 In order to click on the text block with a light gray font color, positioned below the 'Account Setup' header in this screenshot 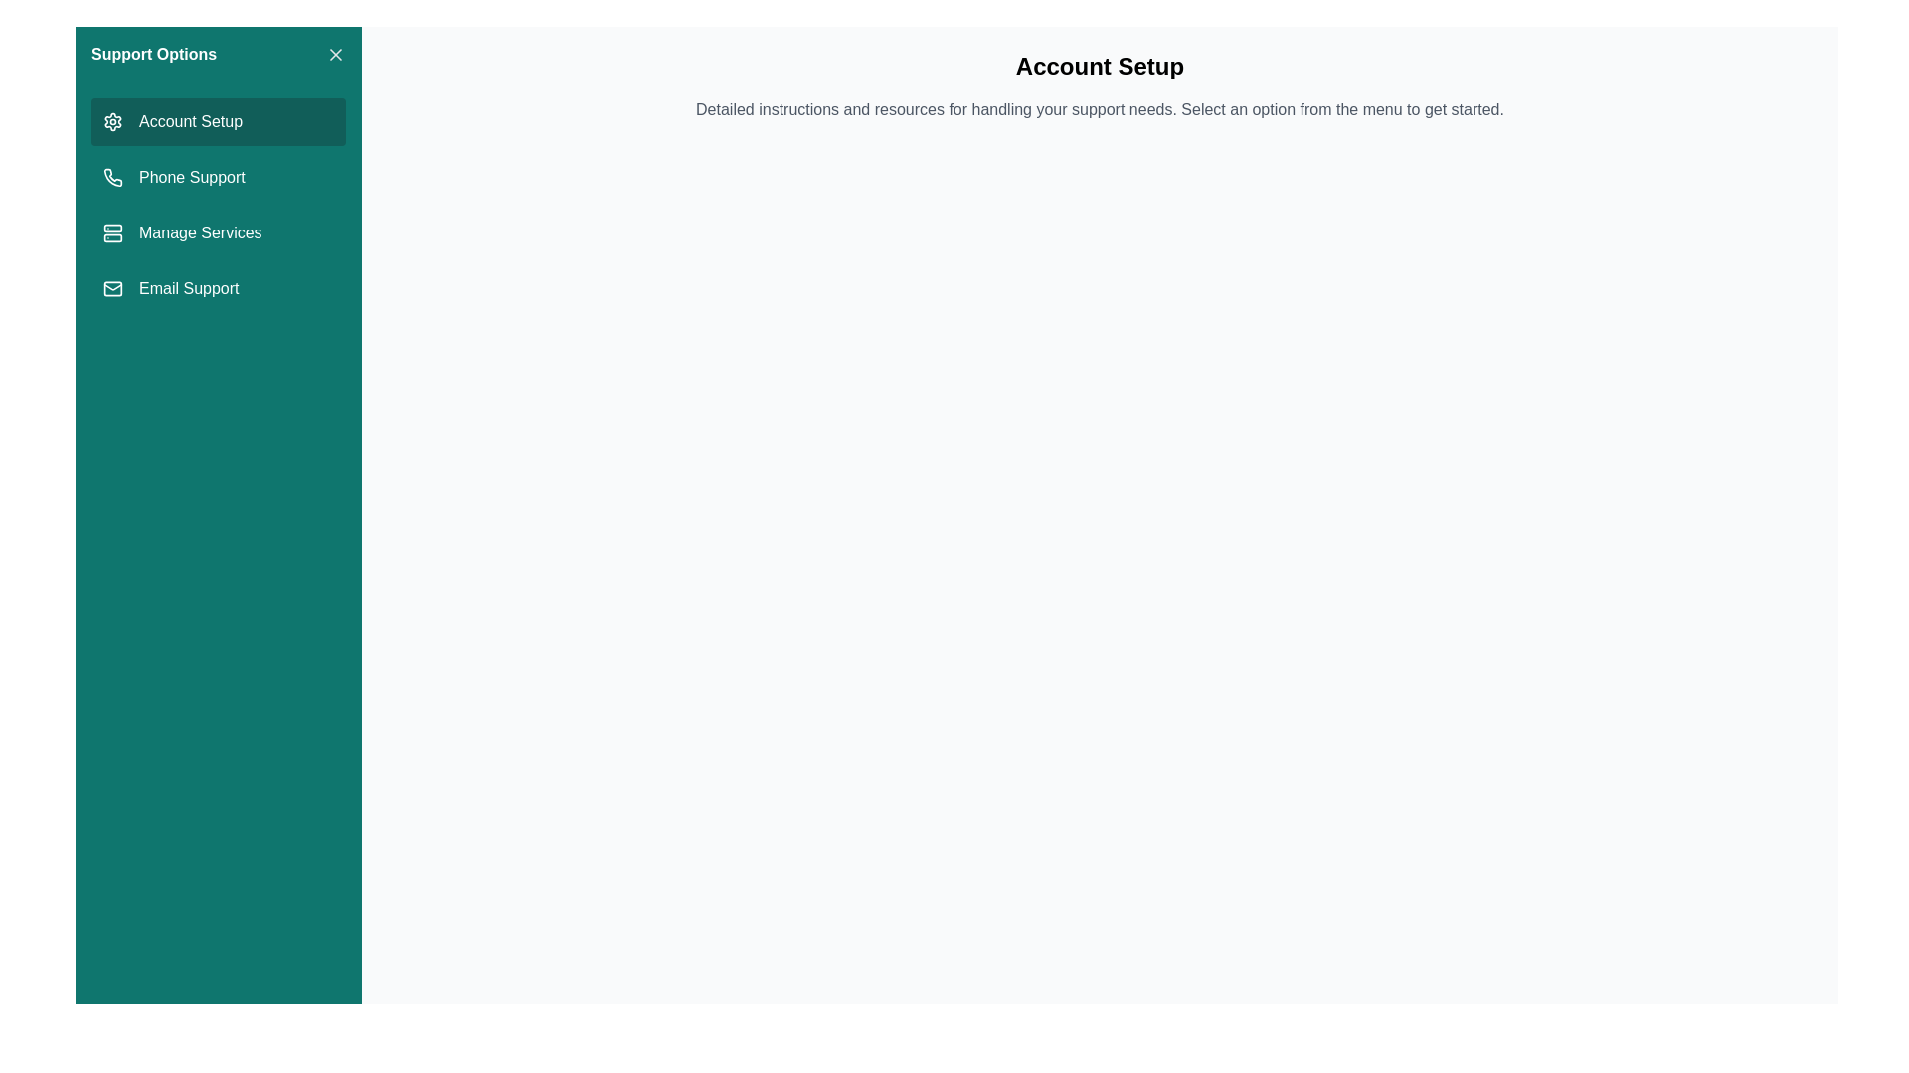, I will do `click(1099, 110)`.